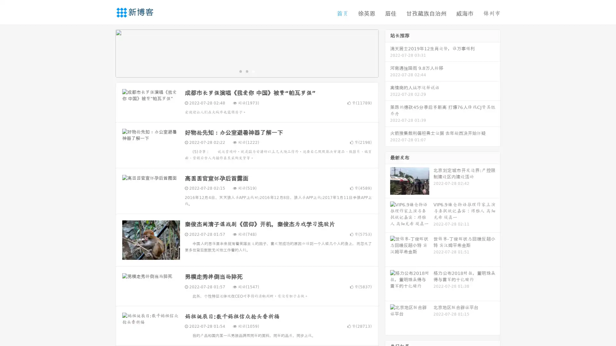 The width and height of the screenshot is (616, 346). Describe the element at coordinates (253, 72) in the screenshot. I see `Go to slide 3` at that location.